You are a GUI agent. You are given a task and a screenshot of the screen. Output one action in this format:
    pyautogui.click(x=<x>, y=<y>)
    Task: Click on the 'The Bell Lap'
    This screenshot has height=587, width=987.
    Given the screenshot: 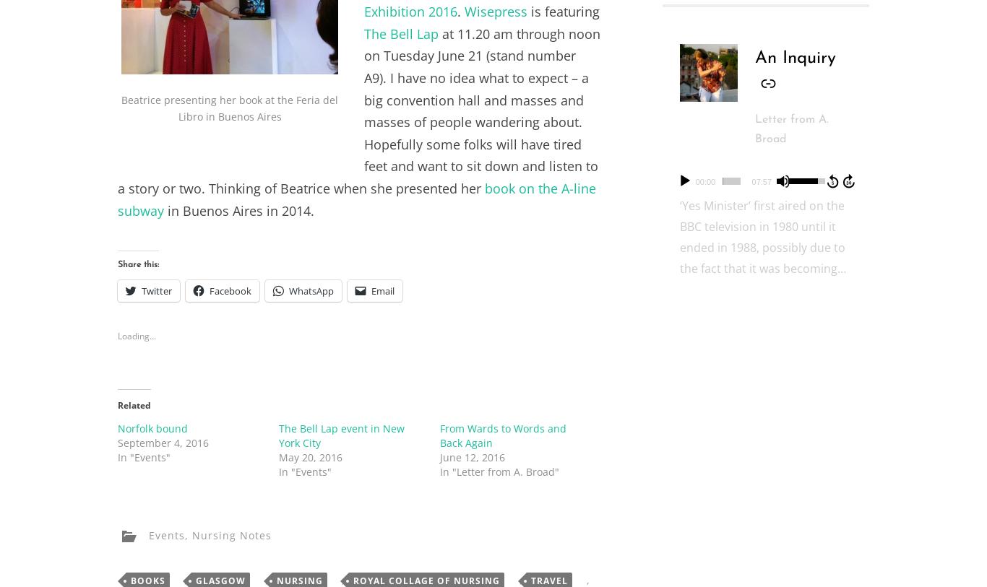 What is the action you would take?
    pyautogui.click(x=363, y=32)
    